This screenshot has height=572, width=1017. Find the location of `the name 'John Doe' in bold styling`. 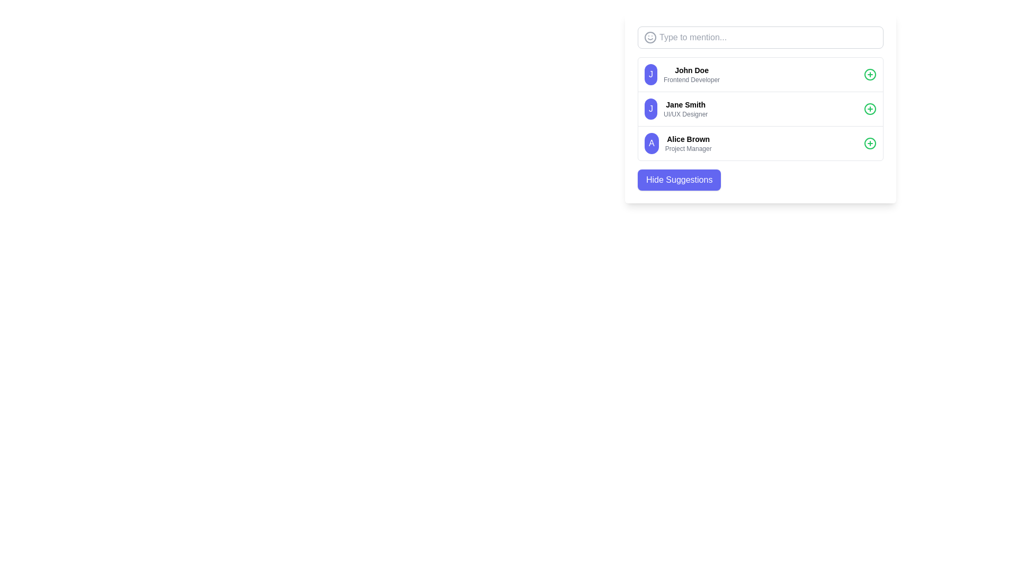

the name 'John Doe' in bold styling is located at coordinates (691, 74).